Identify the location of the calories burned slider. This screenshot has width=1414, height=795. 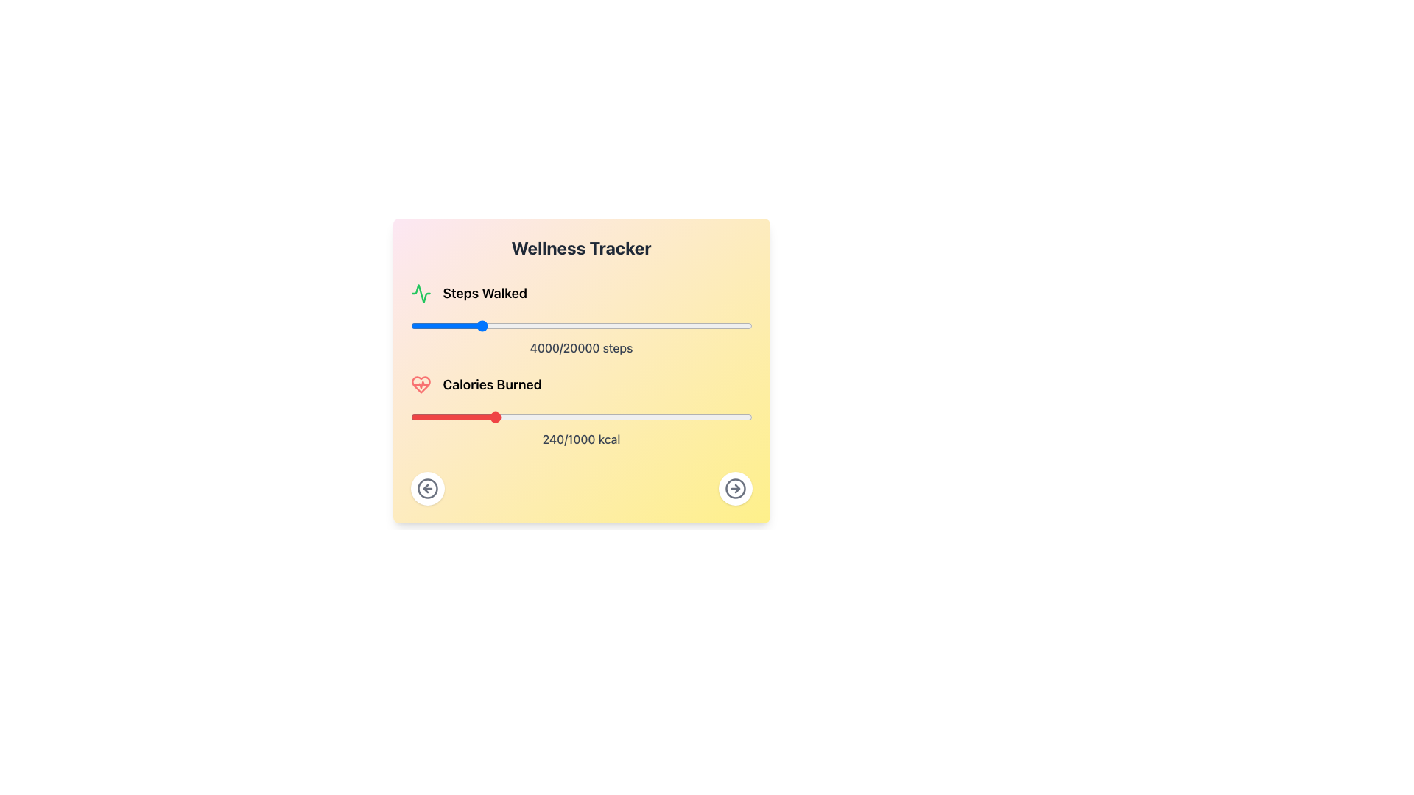
(532, 417).